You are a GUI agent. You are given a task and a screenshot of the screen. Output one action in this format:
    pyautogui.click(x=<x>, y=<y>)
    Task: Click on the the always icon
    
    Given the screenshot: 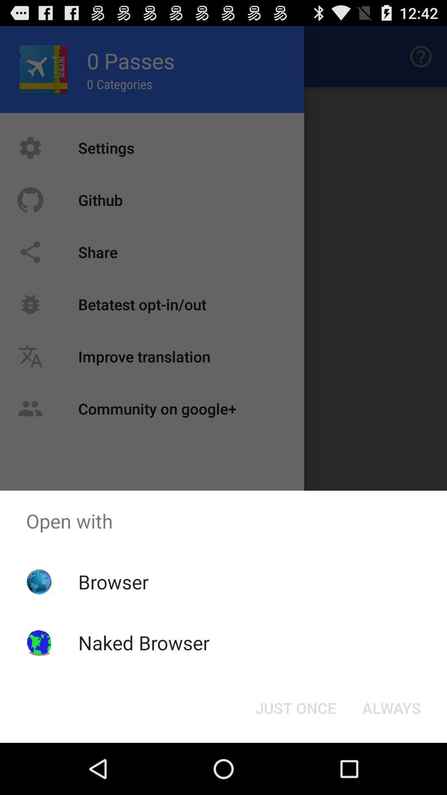 What is the action you would take?
    pyautogui.click(x=391, y=707)
    